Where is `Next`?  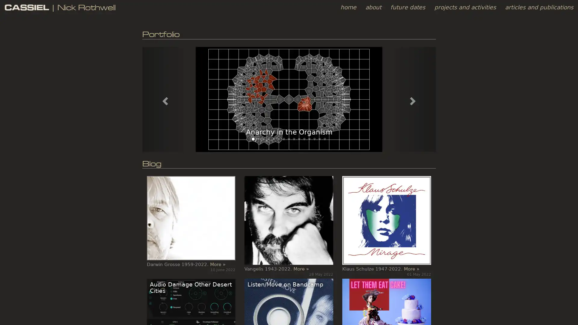
Next is located at coordinates (413, 99).